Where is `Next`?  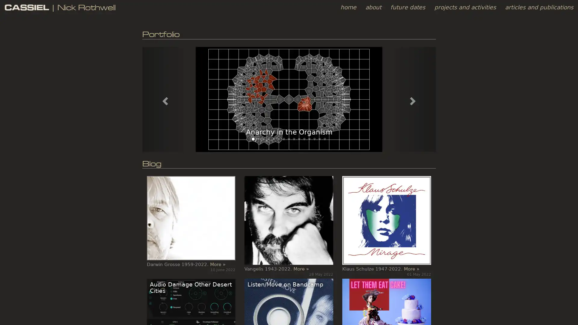
Next is located at coordinates (413, 99).